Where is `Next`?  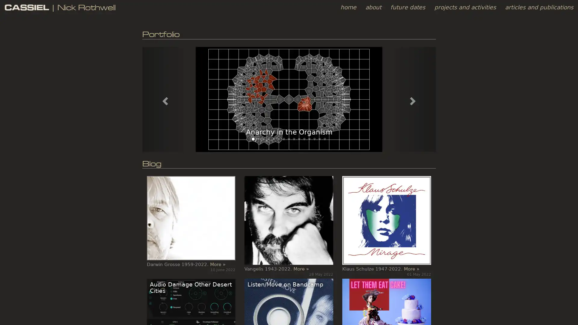
Next is located at coordinates (413, 99).